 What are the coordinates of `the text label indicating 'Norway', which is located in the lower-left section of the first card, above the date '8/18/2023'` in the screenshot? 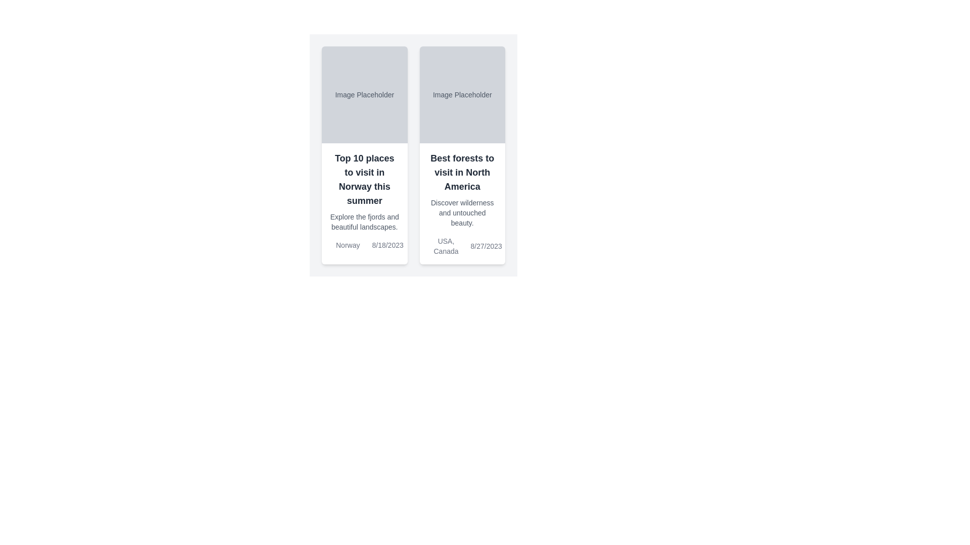 It's located at (348, 245).